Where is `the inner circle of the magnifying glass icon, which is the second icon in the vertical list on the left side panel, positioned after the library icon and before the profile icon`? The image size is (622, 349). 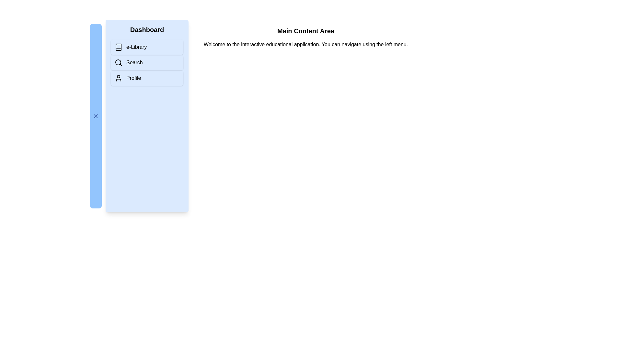
the inner circle of the magnifying glass icon, which is the second icon in the vertical list on the left side panel, positioned after the library icon and before the profile icon is located at coordinates (118, 62).